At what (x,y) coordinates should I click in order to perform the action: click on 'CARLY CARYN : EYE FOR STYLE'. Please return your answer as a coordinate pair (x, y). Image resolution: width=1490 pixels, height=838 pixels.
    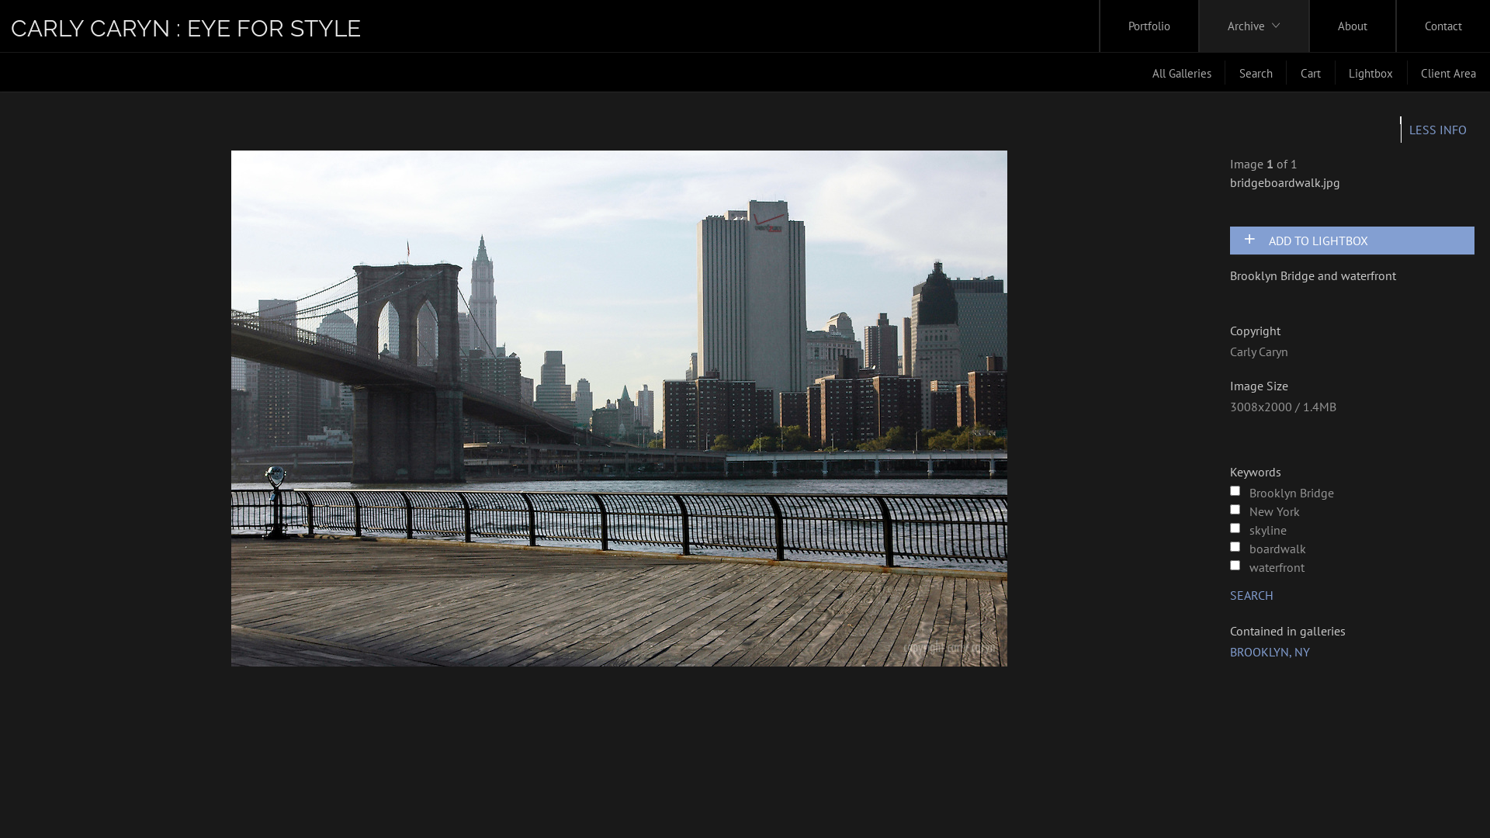
    Looking at the image, I should click on (185, 28).